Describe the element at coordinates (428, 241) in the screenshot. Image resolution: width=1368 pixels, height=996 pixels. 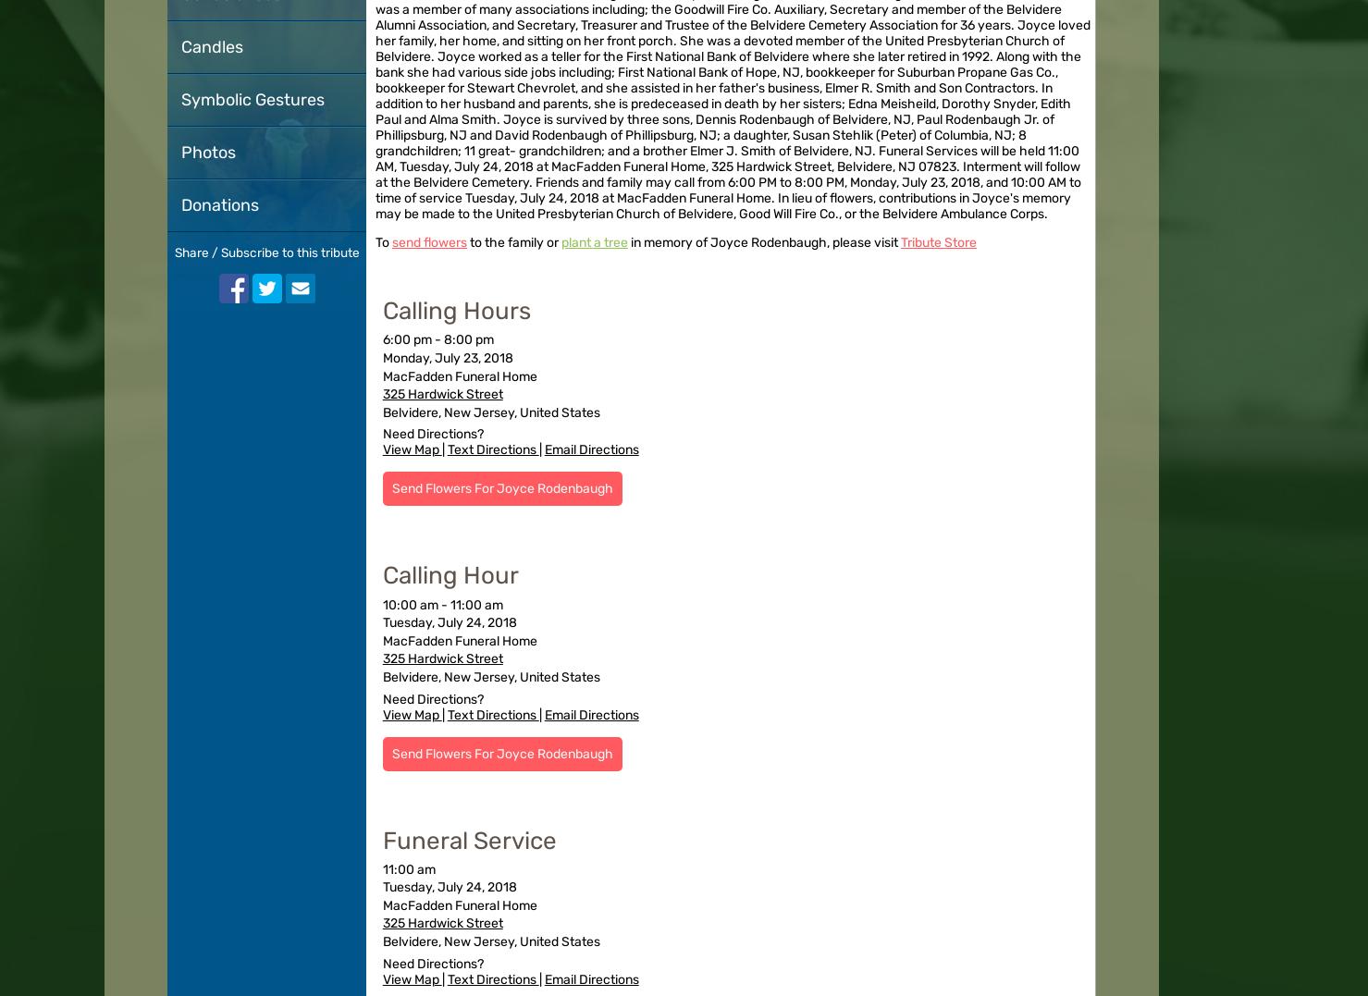
I see `'send flowers'` at that location.